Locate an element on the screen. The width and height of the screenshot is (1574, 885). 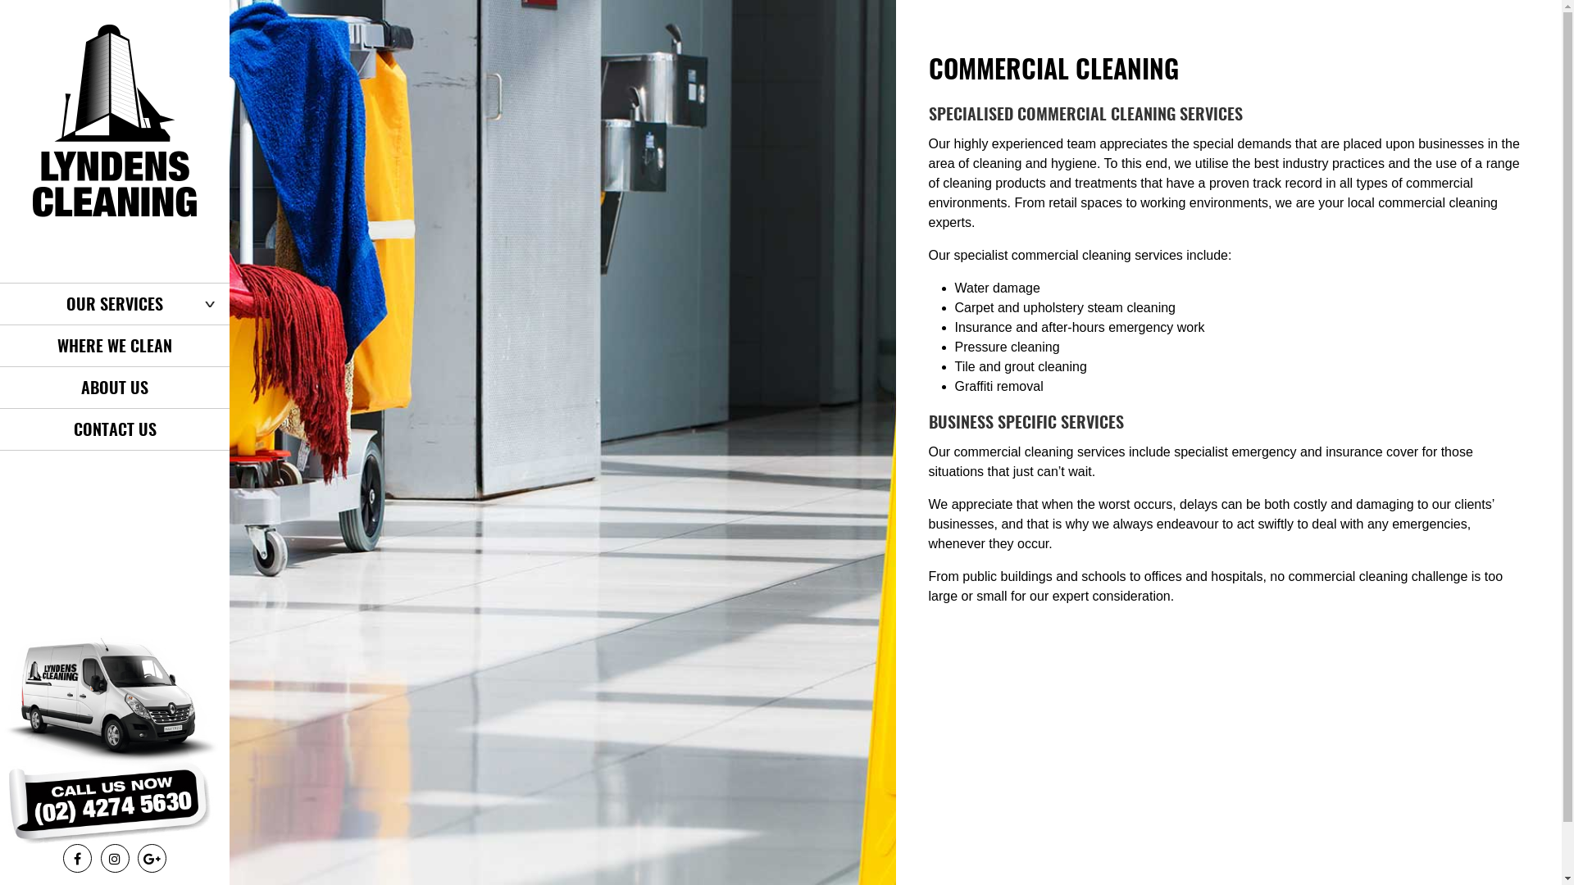
'OUR SERVICES' is located at coordinates (113, 303).